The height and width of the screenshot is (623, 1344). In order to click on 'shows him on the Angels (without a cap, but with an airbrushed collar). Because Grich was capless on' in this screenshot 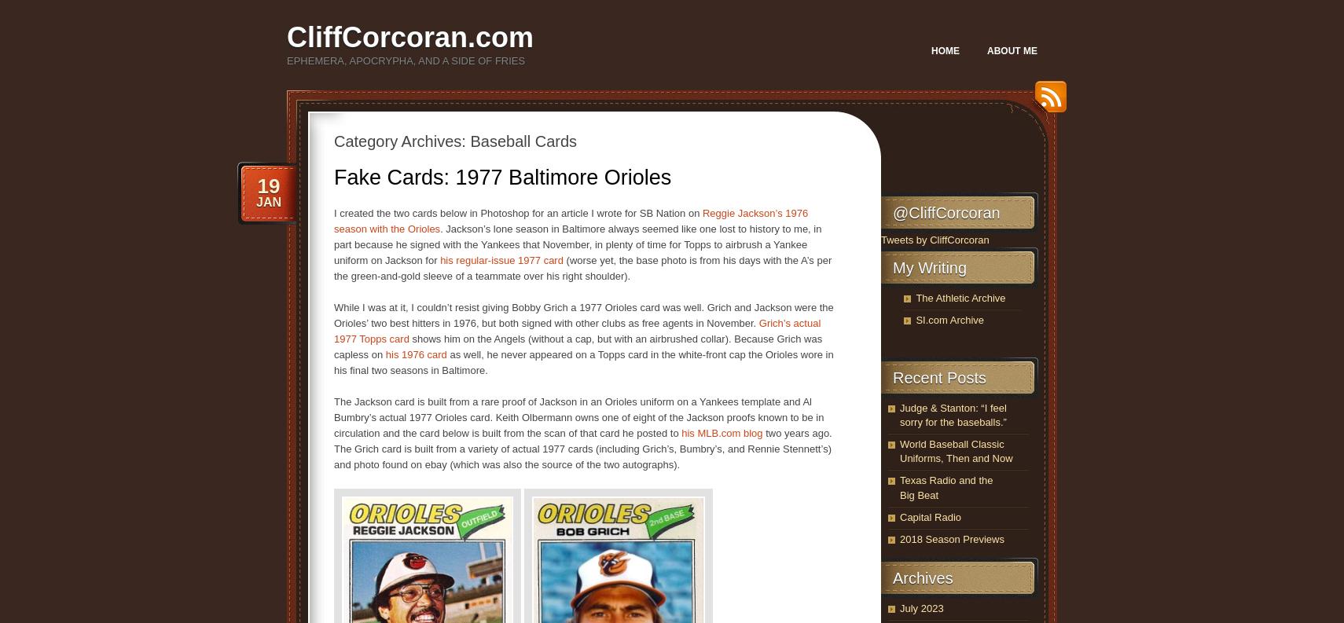, I will do `click(578, 346)`.